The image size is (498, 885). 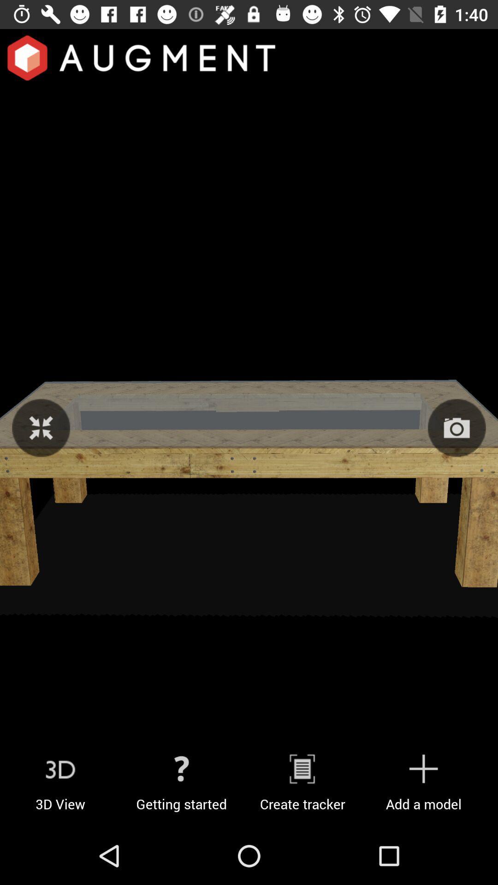 What do you see at coordinates (456, 427) in the screenshot?
I see `take a photo` at bounding box center [456, 427].